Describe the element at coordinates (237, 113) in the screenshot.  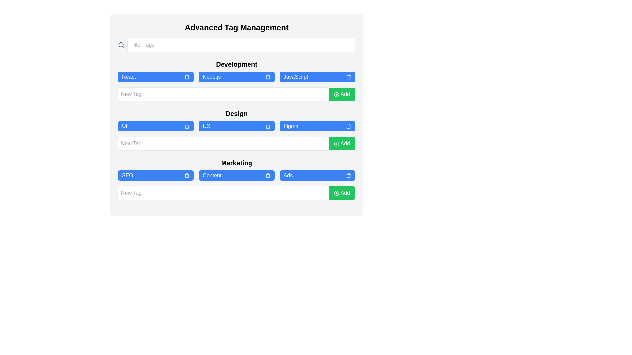
I see `the bold text header labeled 'Design', which is centrally positioned within the 'Design' section of a structured list, located between 'Development' and 'Marketing', above three blue buttons labeled 'UI', 'UX', and 'Figma'` at that location.